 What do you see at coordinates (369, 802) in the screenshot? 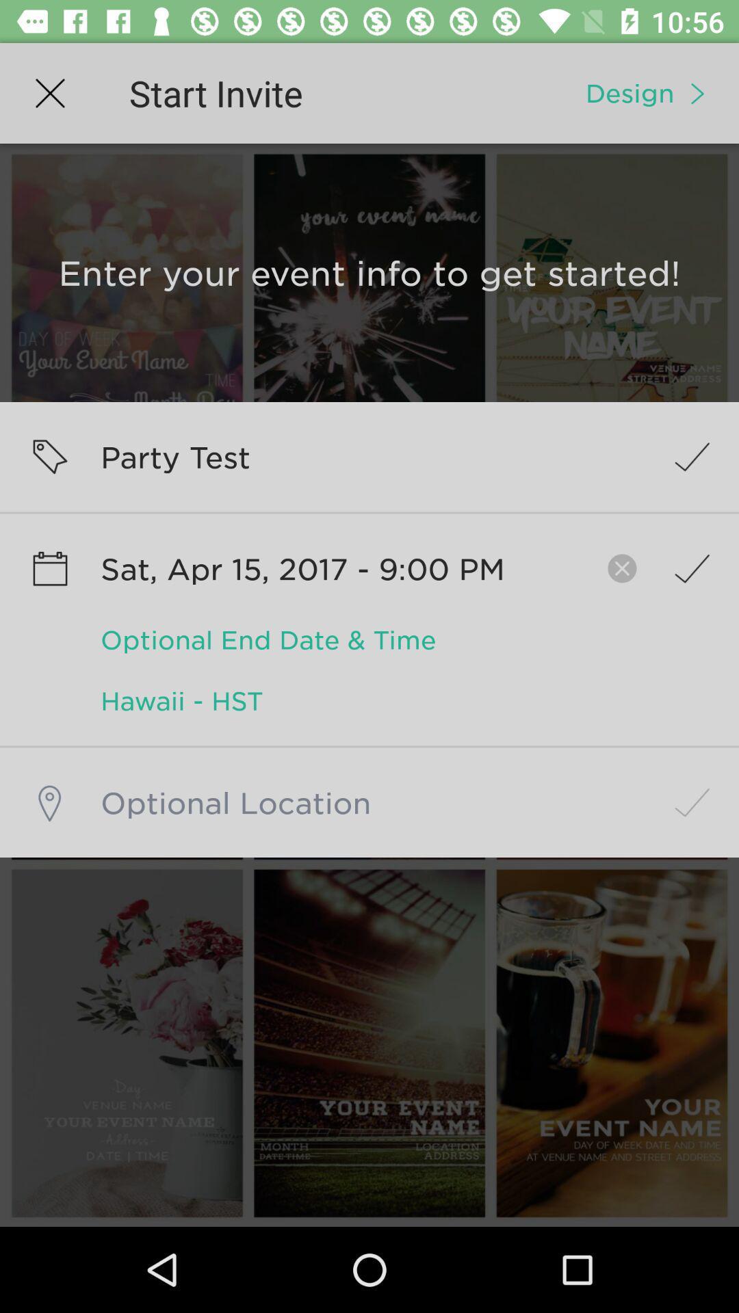
I see `optional location` at bounding box center [369, 802].